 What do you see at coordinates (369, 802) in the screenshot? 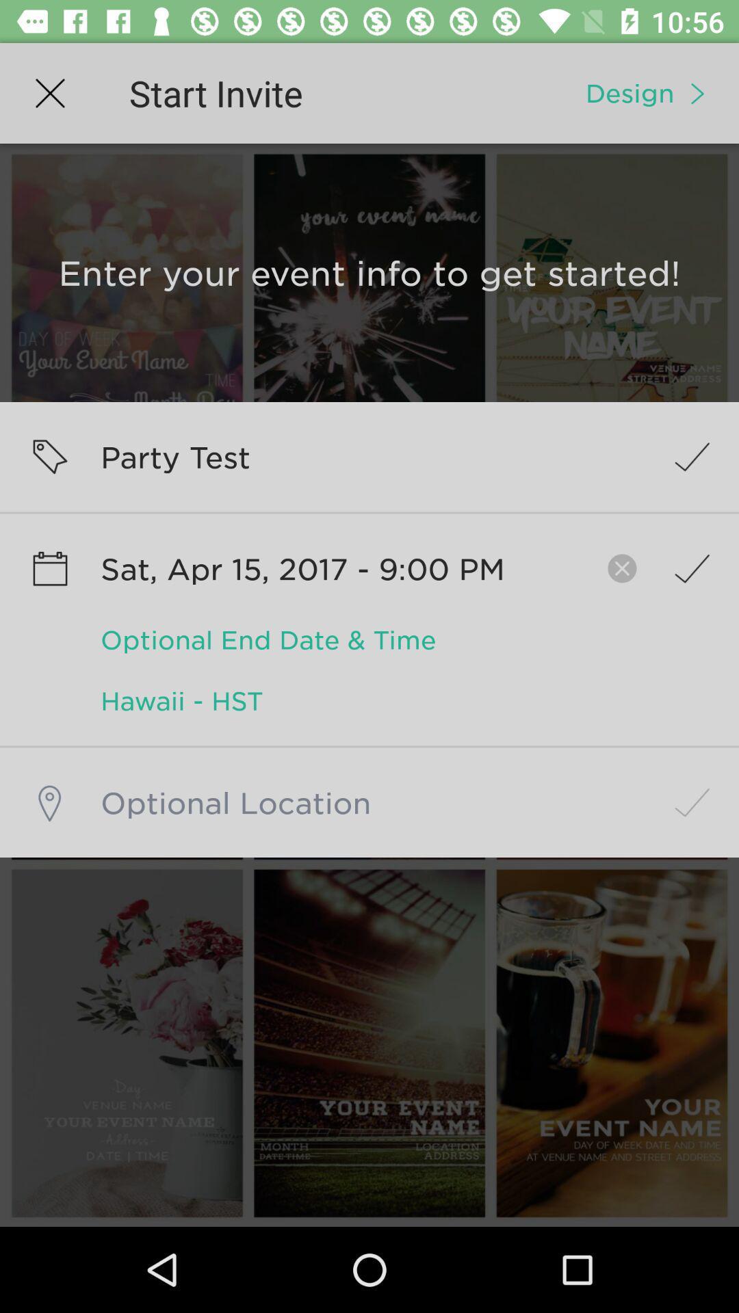
I see `optional location` at bounding box center [369, 802].